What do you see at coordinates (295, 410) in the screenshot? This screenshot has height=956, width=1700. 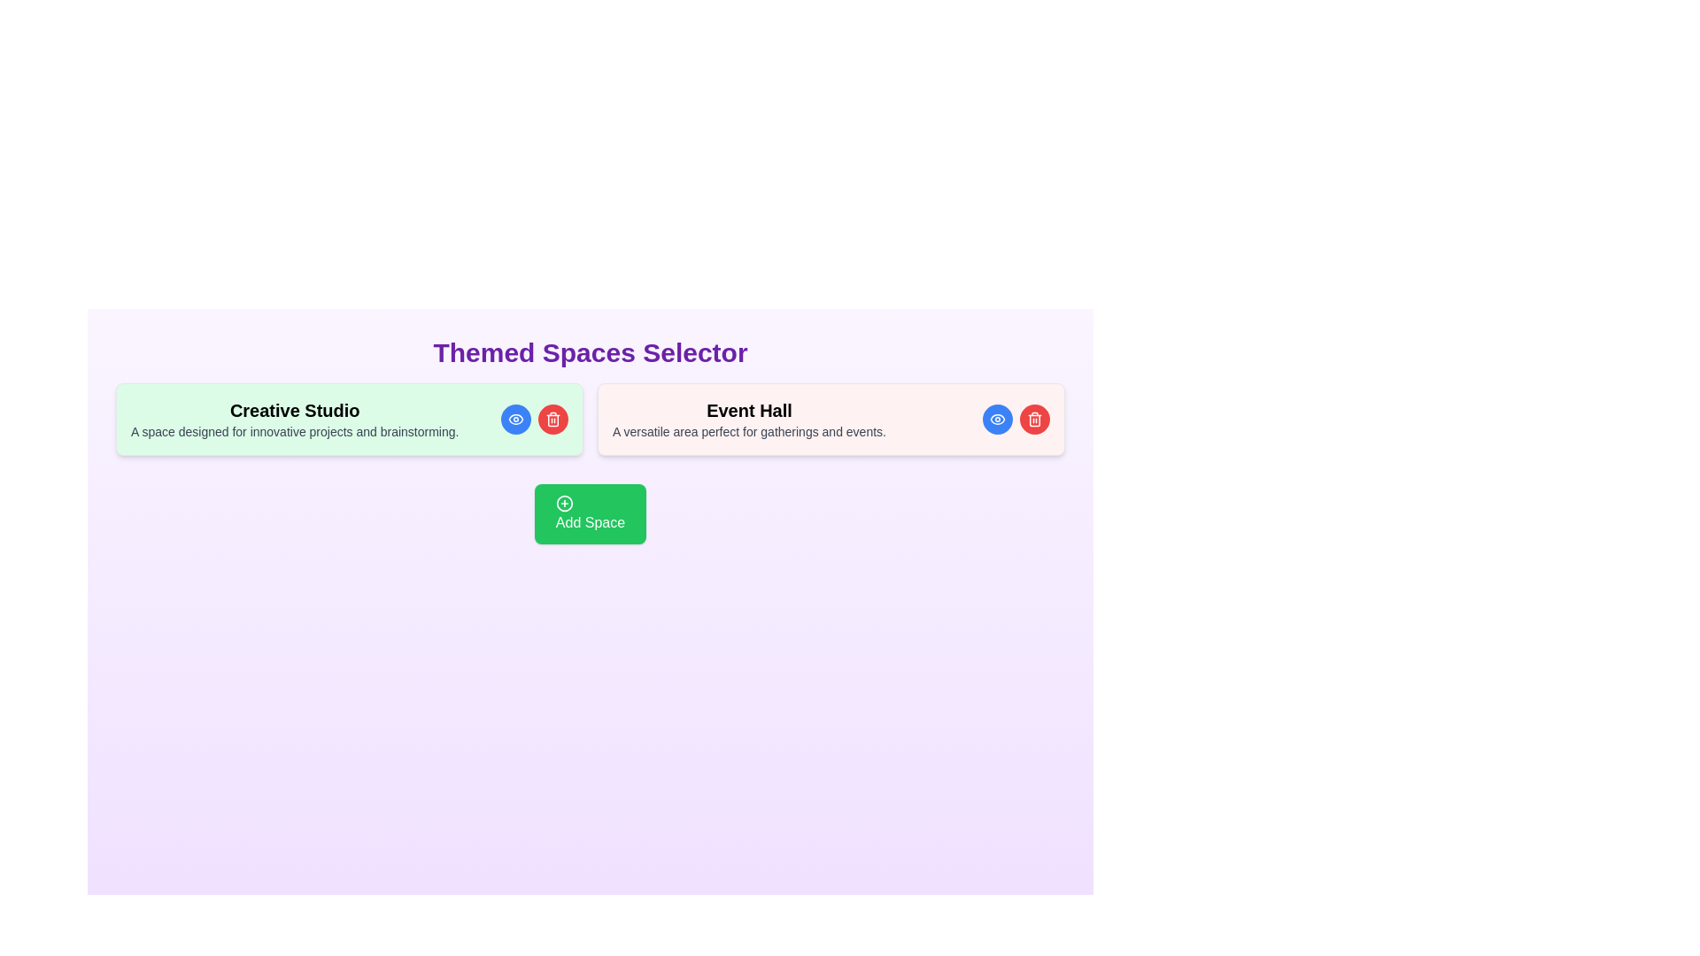 I see `the Header text label located at the top center of the green-highlighted segment on the left side of the interface, which serves to identify the section's purpose` at bounding box center [295, 410].